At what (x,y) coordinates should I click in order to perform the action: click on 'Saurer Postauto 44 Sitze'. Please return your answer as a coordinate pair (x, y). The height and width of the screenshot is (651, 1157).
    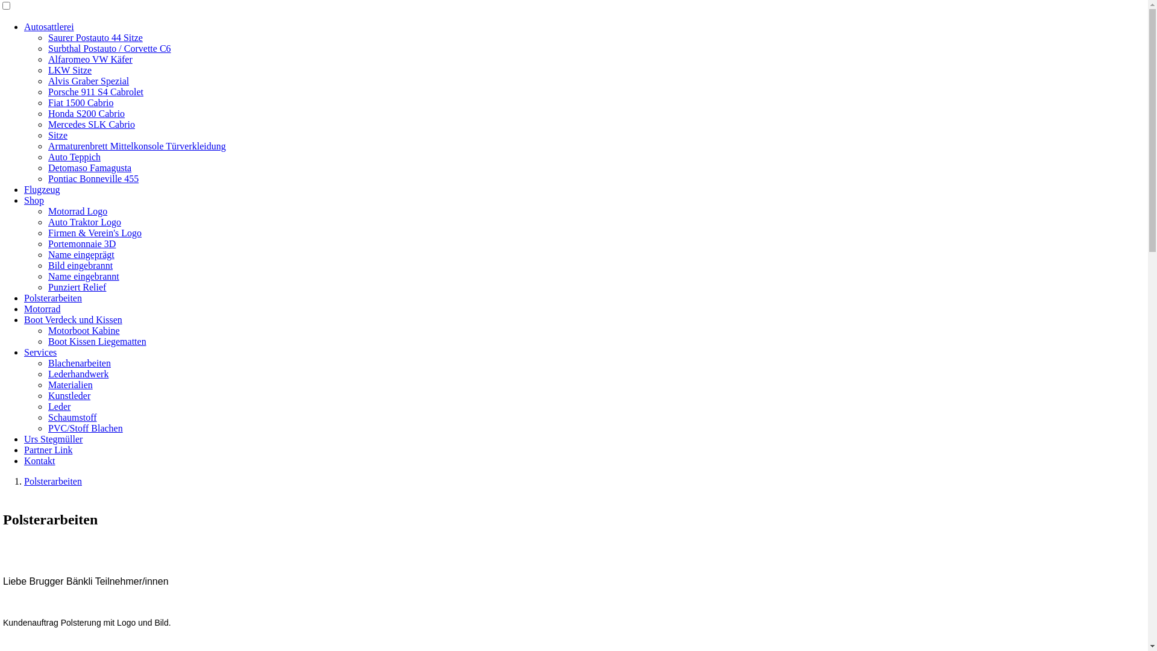
    Looking at the image, I should click on (48, 37).